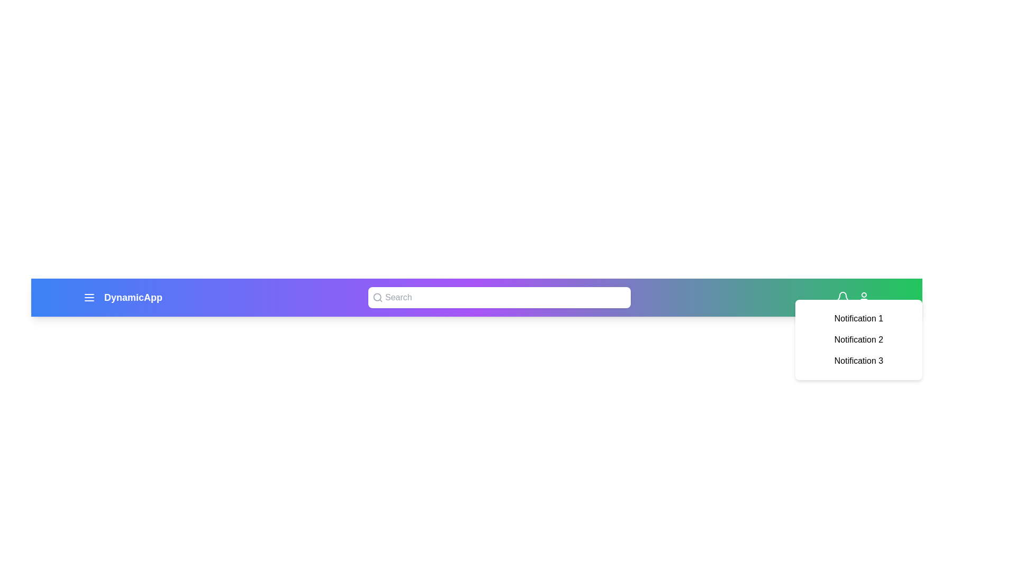 The width and height of the screenshot is (1016, 571). I want to click on the notification Notification 3 to view its details, so click(858, 360).